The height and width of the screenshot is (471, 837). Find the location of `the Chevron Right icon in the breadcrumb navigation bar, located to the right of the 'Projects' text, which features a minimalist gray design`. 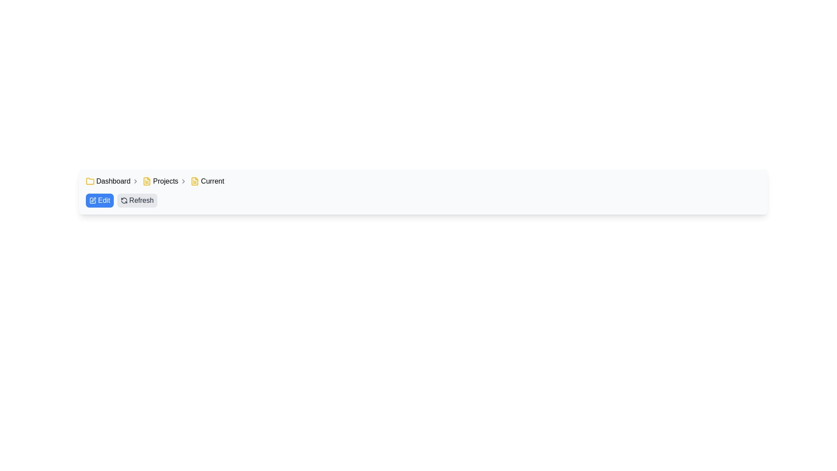

the Chevron Right icon in the breadcrumb navigation bar, located to the right of the 'Projects' text, which features a minimalist gray design is located at coordinates (183, 181).